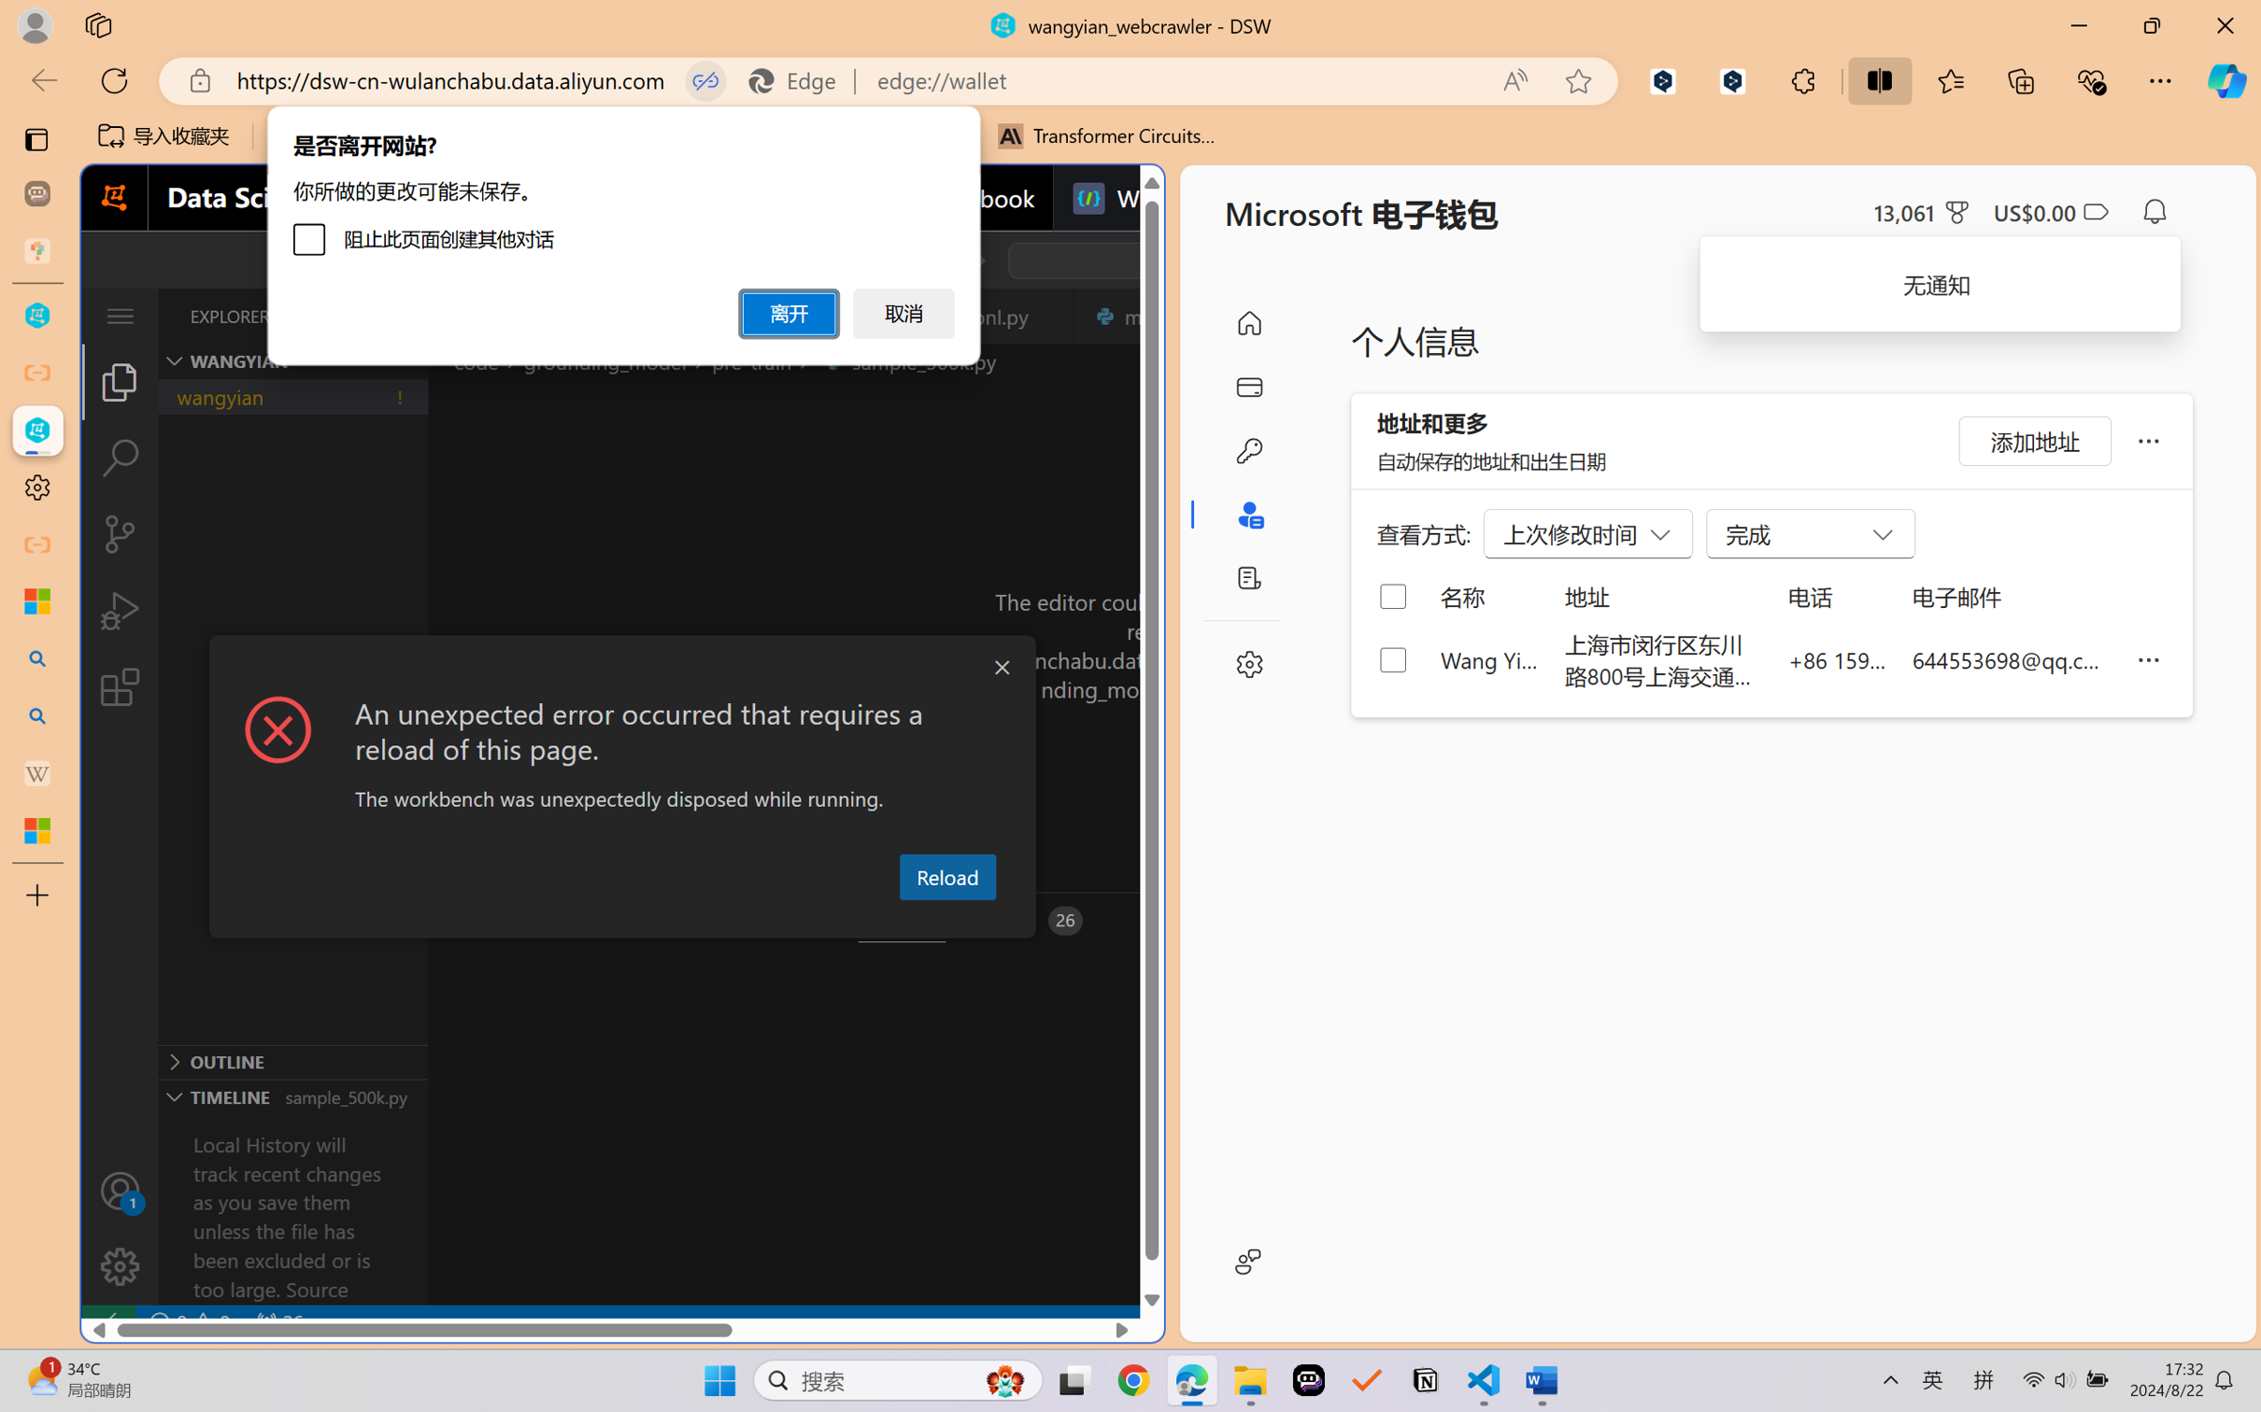  I want to click on 'Ports - 26 forwarded ports', so click(1029, 921).